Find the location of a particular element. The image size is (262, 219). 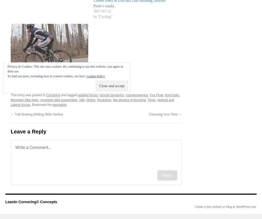

'Cornering' is located at coordinates (53, 95).